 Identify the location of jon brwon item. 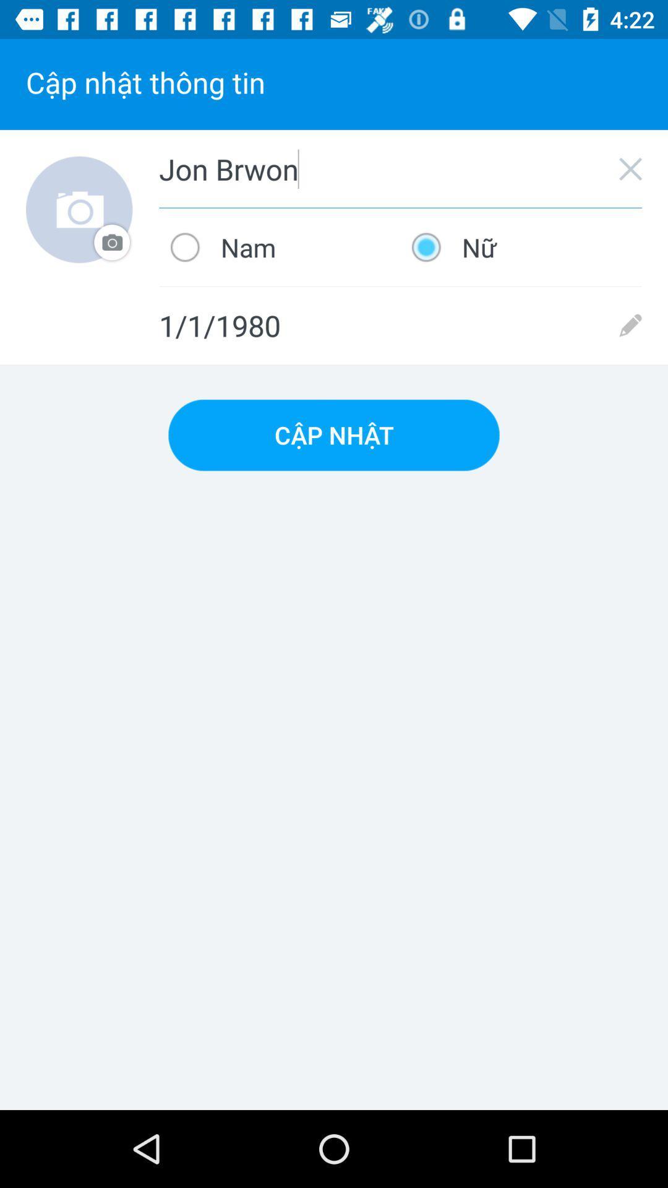
(400, 168).